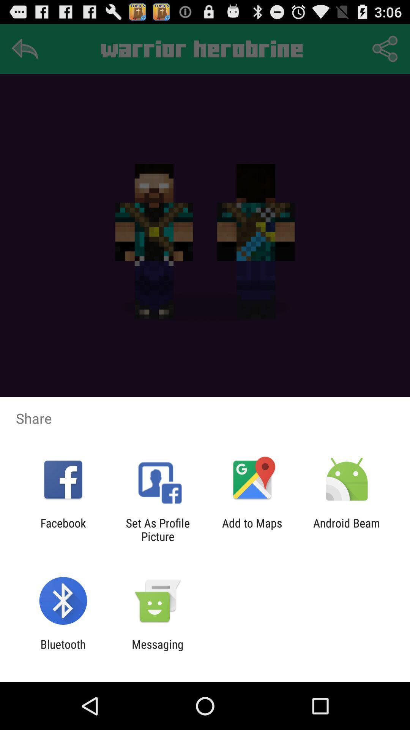  Describe the element at coordinates (157, 529) in the screenshot. I see `icon next to the facebook app` at that location.